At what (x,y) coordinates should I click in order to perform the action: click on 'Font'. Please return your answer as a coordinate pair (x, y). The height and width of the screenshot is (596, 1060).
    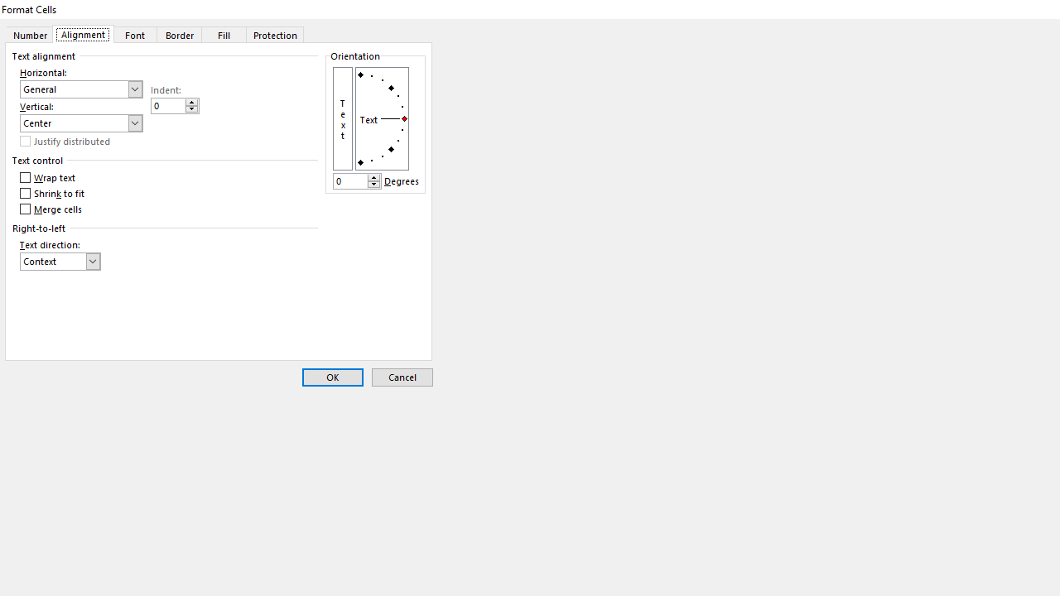
    Looking at the image, I should click on (134, 34).